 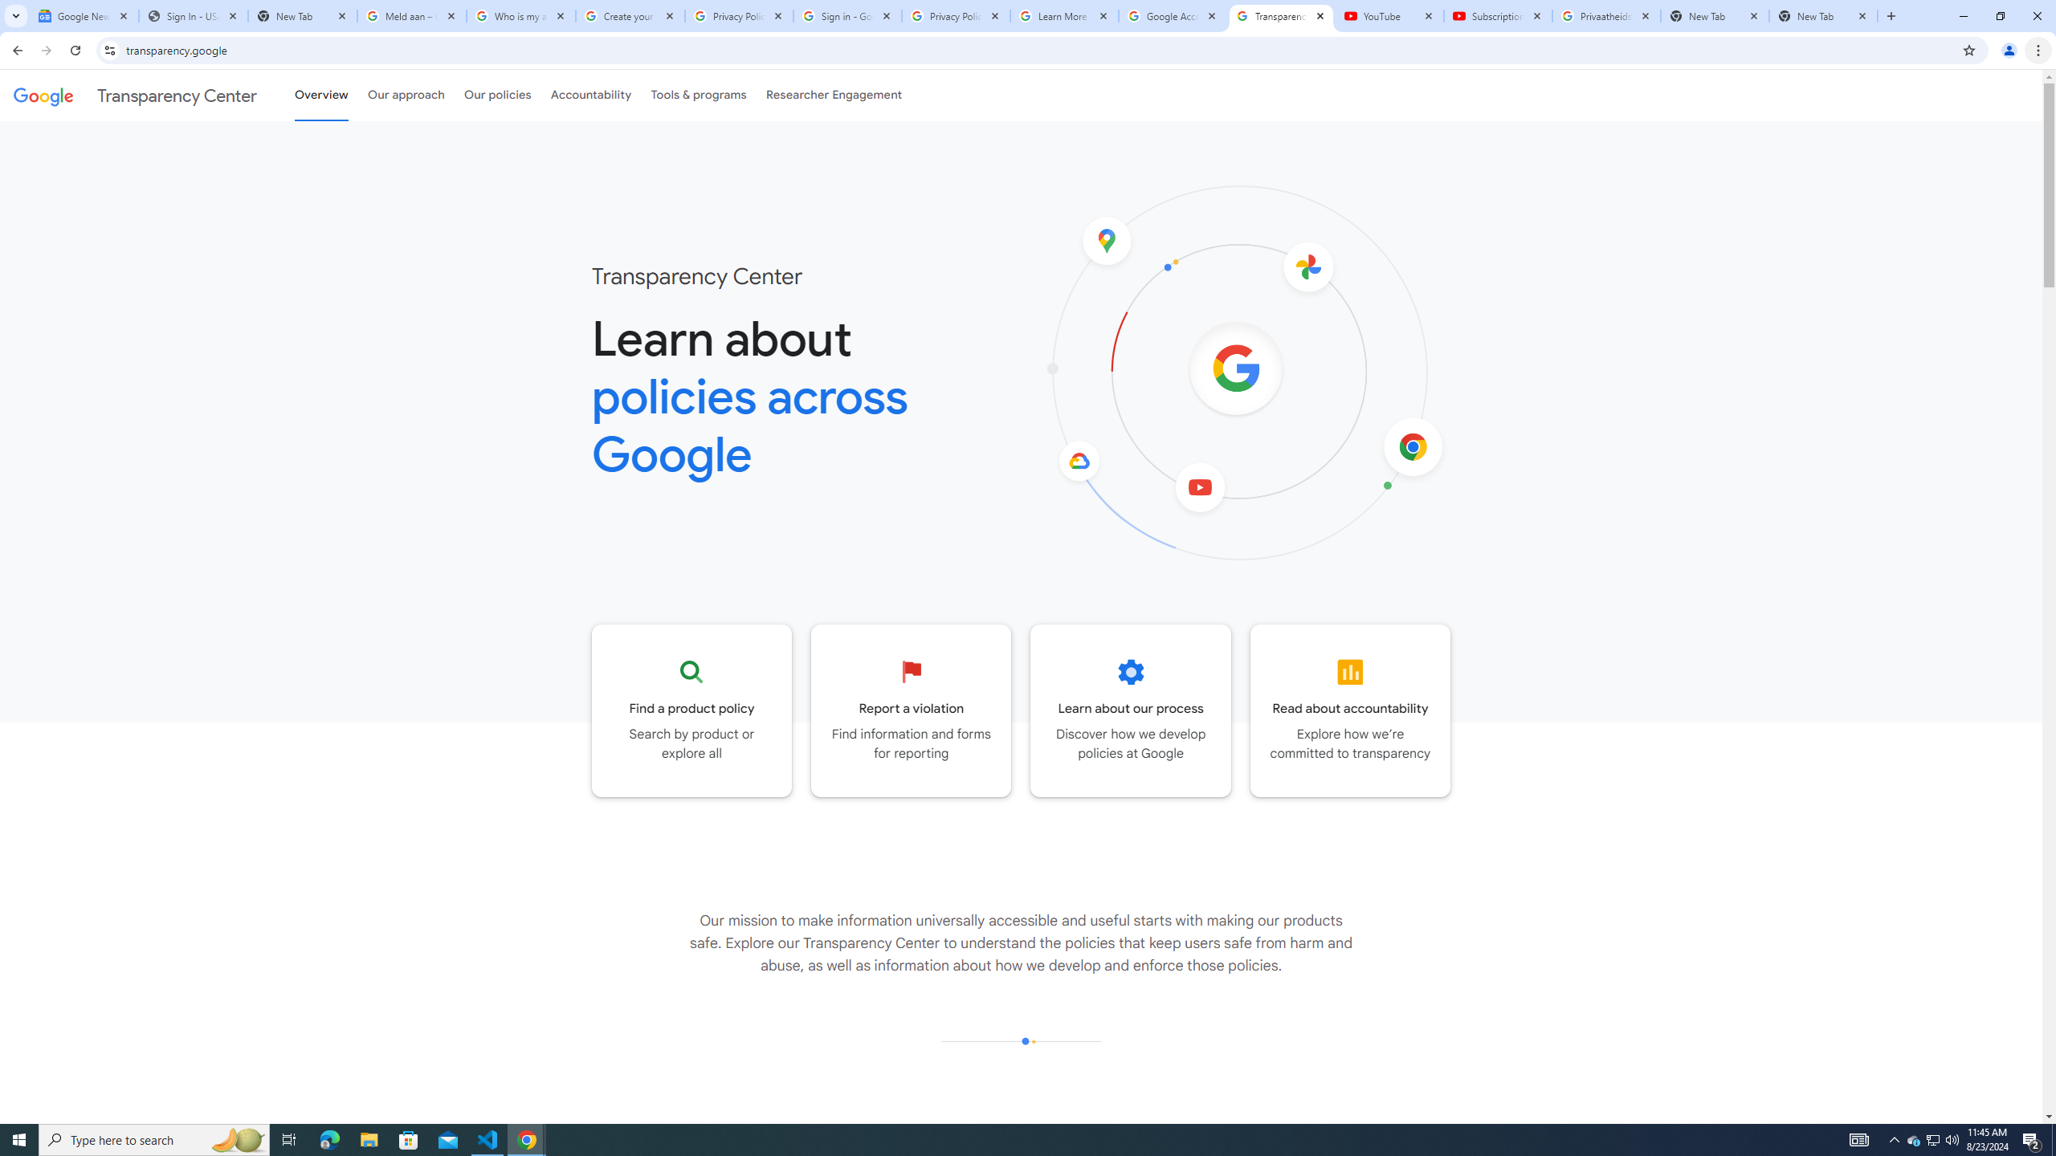 I want to click on 'Create your Google Account', so click(x=630, y=15).